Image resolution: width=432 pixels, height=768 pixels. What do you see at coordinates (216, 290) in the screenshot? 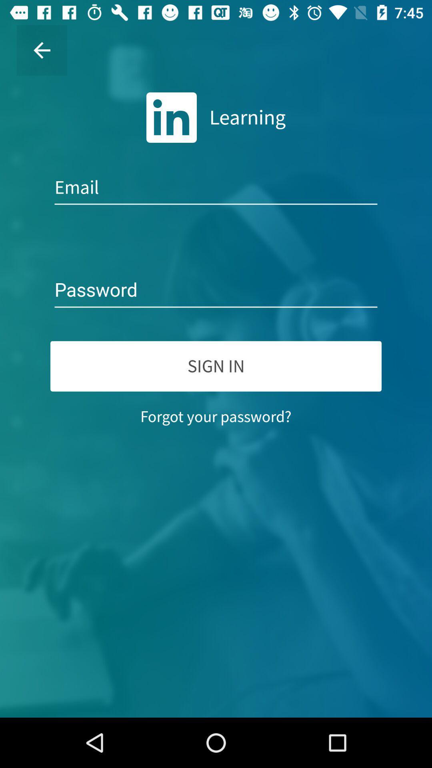
I see `password` at bounding box center [216, 290].